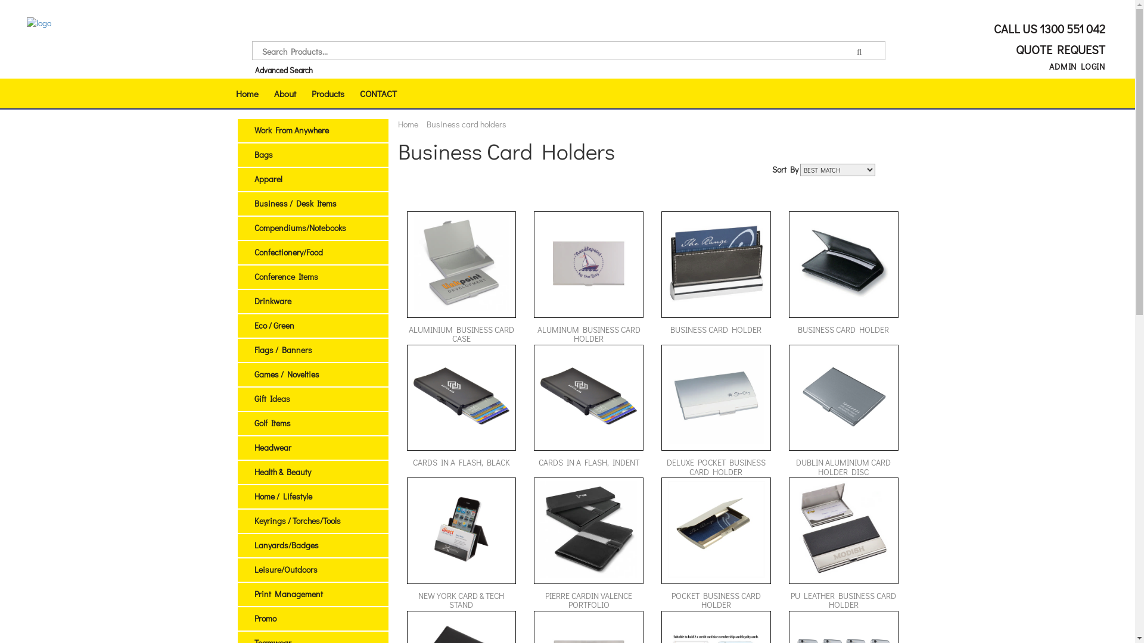 The width and height of the screenshot is (1144, 643). Describe the element at coordinates (414, 397) in the screenshot. I see `'Cards in a Flash, Black (C6800_PREMIER)'` at that location.